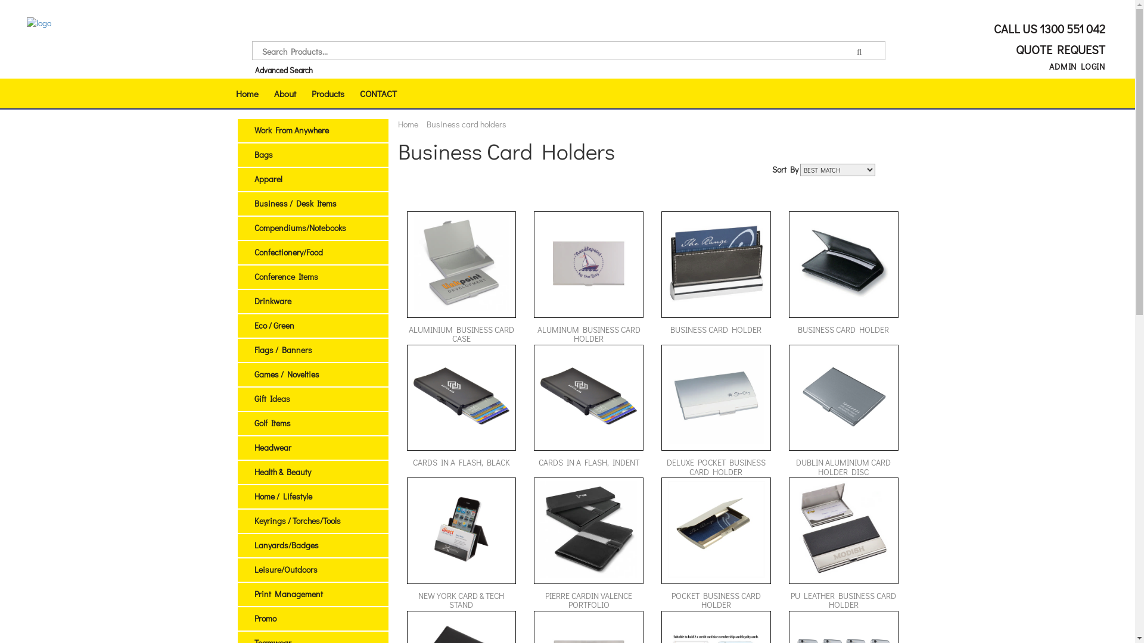 The width and height of the screenshot is (1144, 643). Describe the element at coordinates (414, 397) in the screenshot. I see `'Cards in a Flash, Black (C6800_PREMIER)'` at that location.